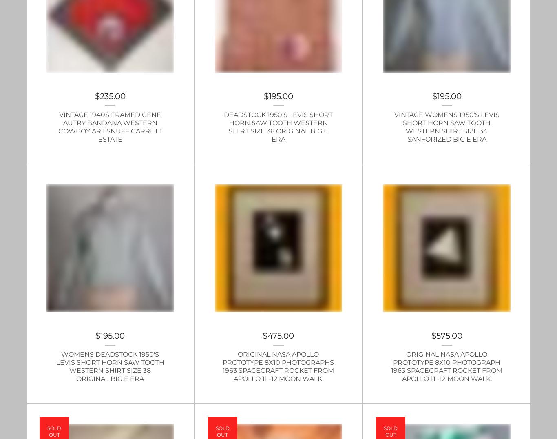  What do you see at coordinates (223, 126) in the screenshot?
I see `'Deadstock 1950's LEVIS Short Horn Saw Tooth Western Shirt Size 36 Original Big E Era'` at bounding box center [223, 126].